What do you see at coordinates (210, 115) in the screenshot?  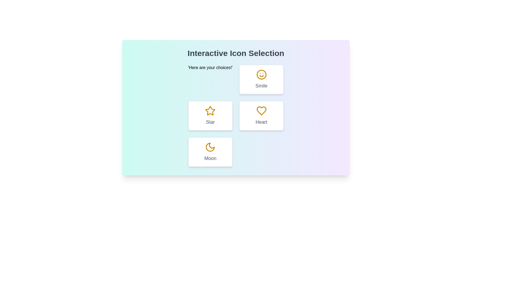 I see `the interactive card that is the second item in the left column under the 'Here are your choices!' section to trigger hover effects` at bounding box center [210, 115].